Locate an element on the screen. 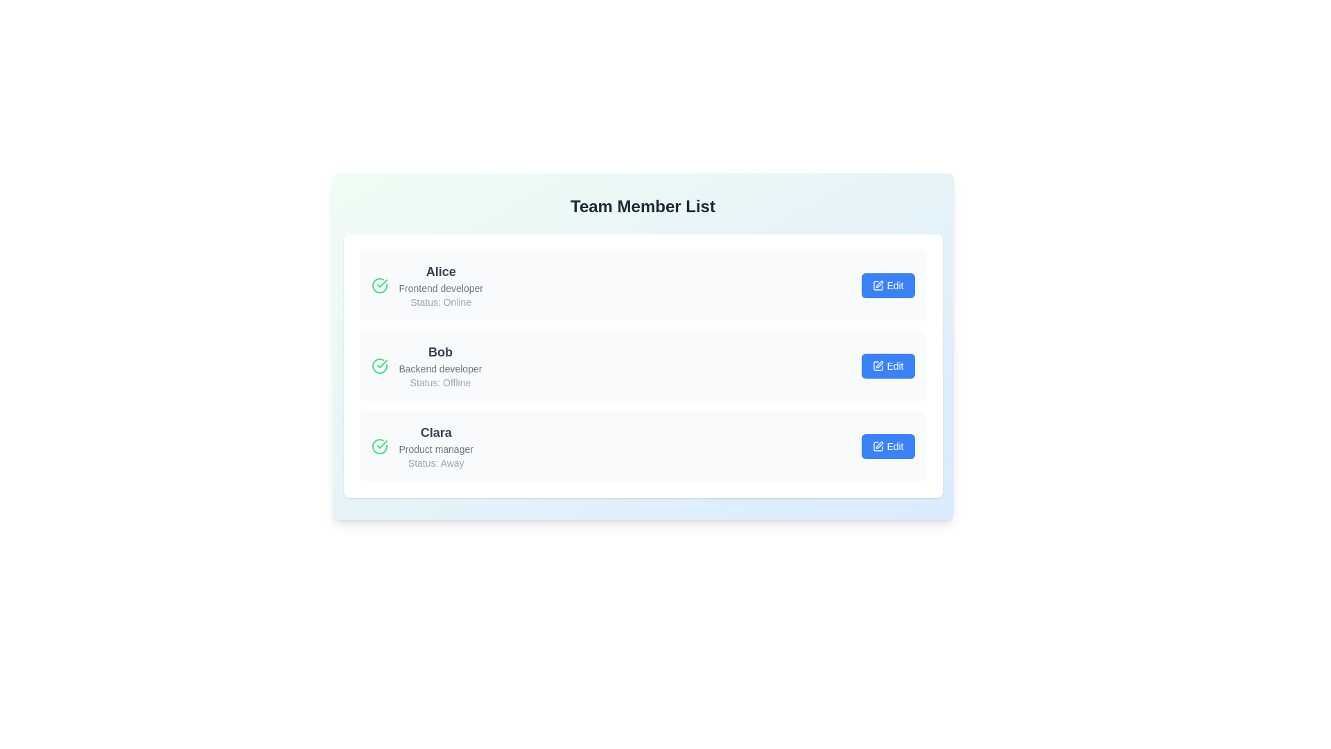  the user item corresponding to Clara is located at coordinates (642, 447).